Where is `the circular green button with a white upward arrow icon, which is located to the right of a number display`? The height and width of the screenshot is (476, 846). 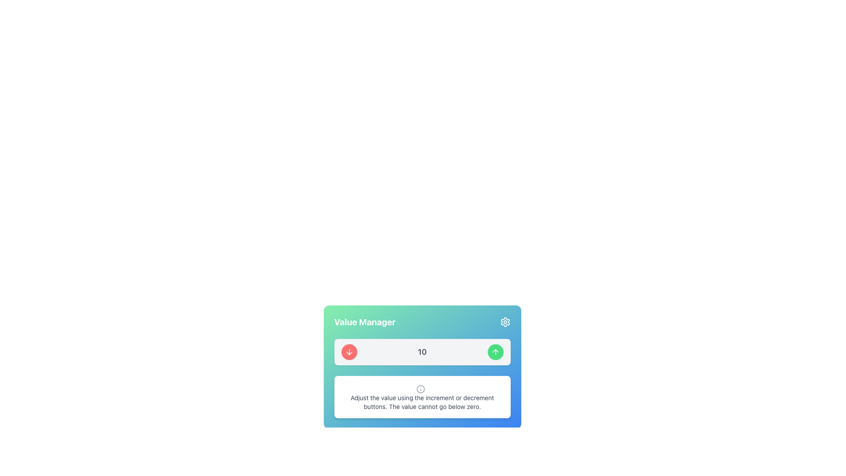 the circular green button with a white upward arrow icon, which is located to the right of a number display is located at coordinates (495, 351).